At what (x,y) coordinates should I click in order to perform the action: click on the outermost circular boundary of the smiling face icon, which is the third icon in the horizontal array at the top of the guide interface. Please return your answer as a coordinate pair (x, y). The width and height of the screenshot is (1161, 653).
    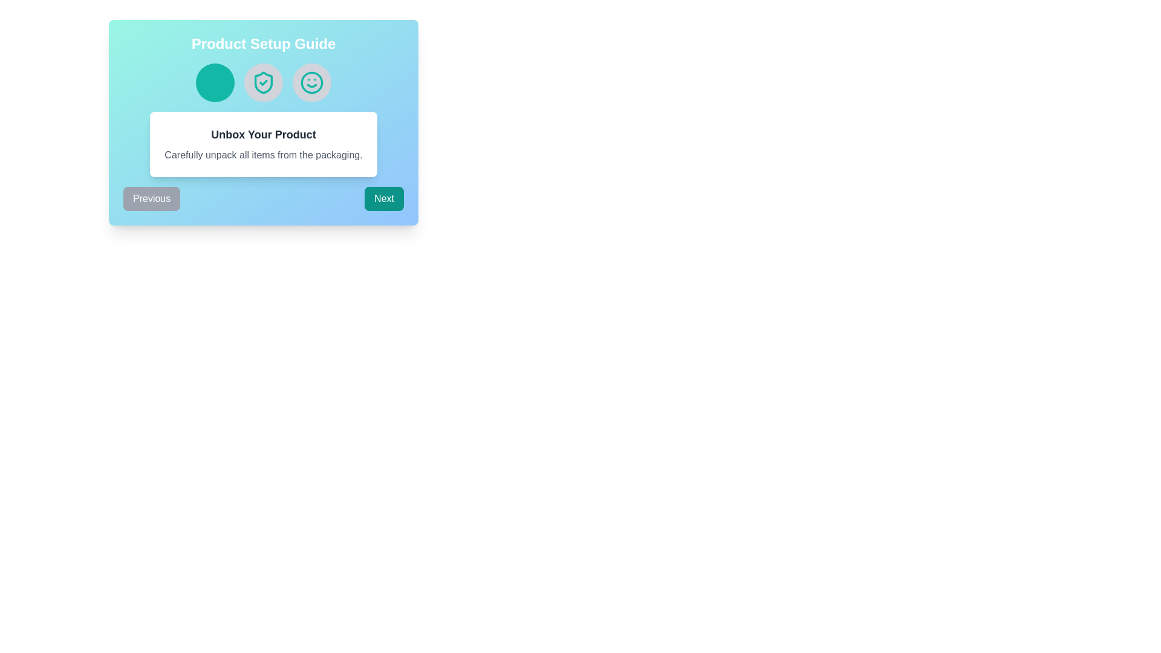
    Looking at the image, I should click on (311, 82).